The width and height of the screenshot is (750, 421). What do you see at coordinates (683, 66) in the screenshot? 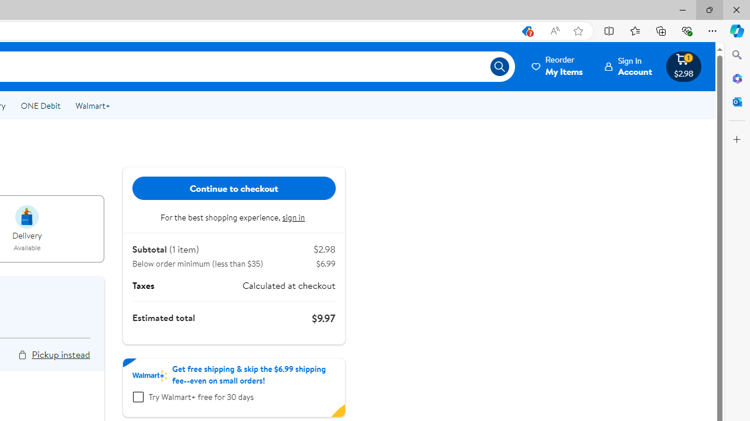
I see `'Cart contains 1 item Total Amount $2.98'` at bounding box center [683, 66].